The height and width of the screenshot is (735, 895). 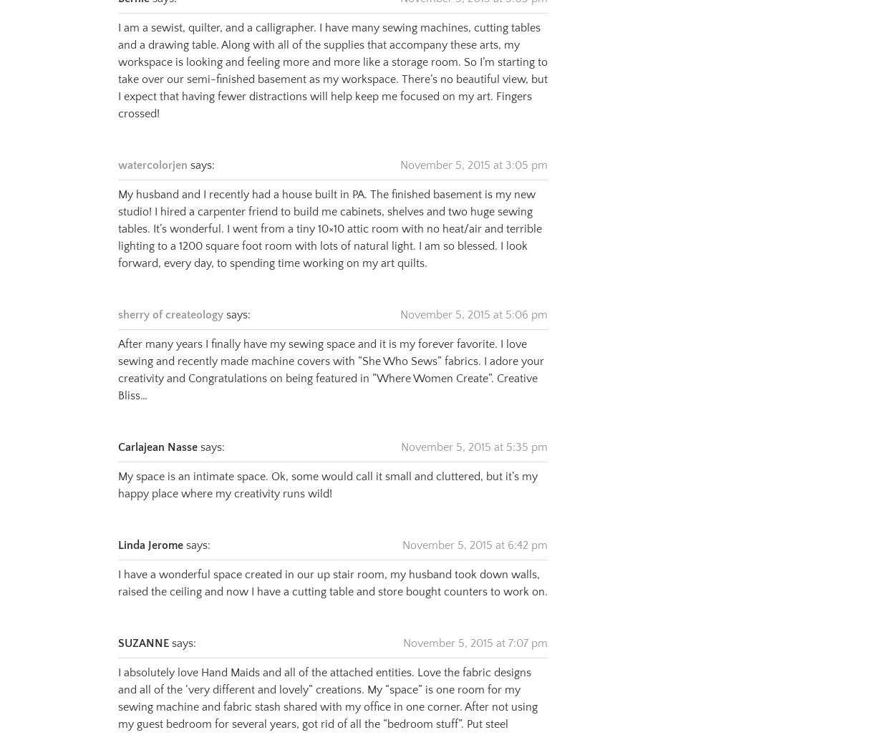 I want to click on 'November 5, 2015 at 5:35 pm', so click(x=474, y=429).